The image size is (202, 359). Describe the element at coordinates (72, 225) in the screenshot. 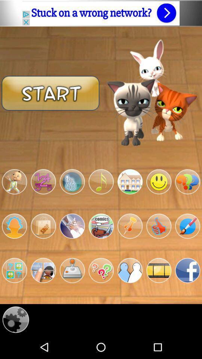

I see `snow app` at that location.